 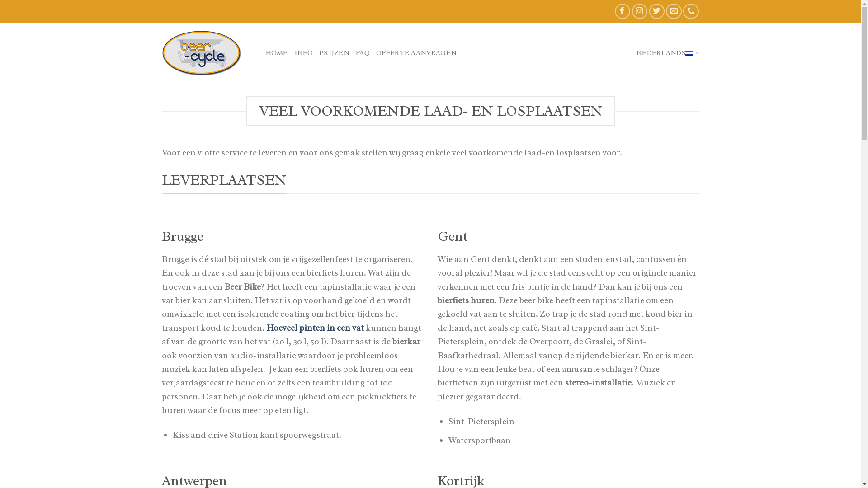 What do you see at coordinates (265, 328) in the screenshot?
I see `'Hoeveel pinten in een vat'` at bounding box center [265, 328].